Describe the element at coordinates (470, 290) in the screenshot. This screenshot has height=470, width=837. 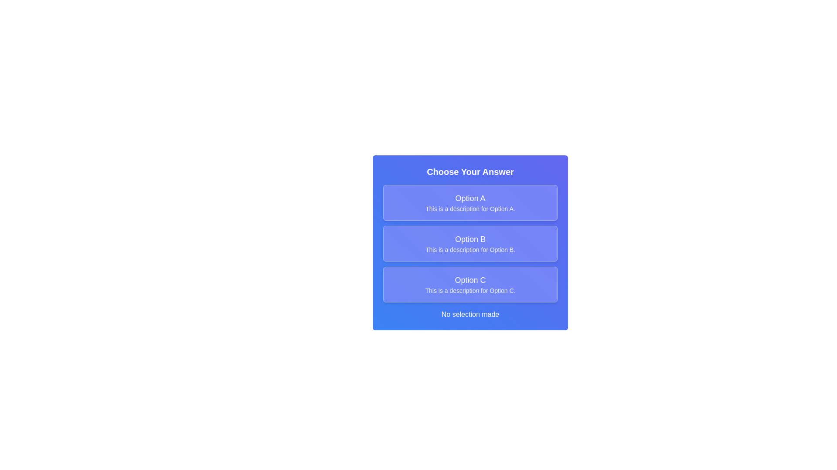
I see `the text label that says 'This is a description for Option C.' located within the blue panel, below the larger 'Option C' text` at that location.